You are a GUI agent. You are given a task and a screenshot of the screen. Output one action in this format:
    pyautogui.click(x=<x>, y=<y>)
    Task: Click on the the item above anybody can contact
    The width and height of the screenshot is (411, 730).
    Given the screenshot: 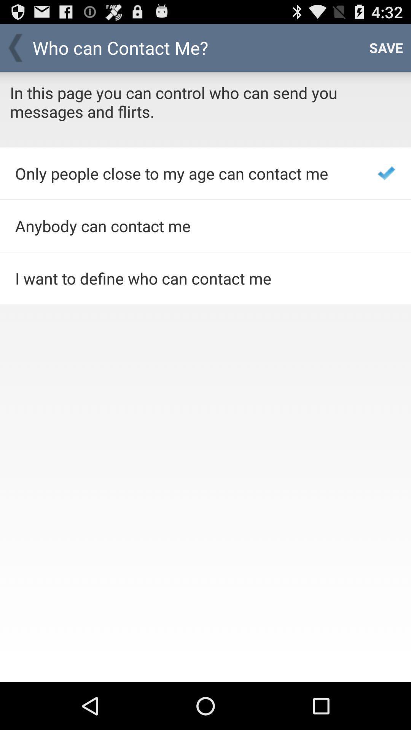 What is the action you would take?
    pyautogui.click(x=186, y=173)
    